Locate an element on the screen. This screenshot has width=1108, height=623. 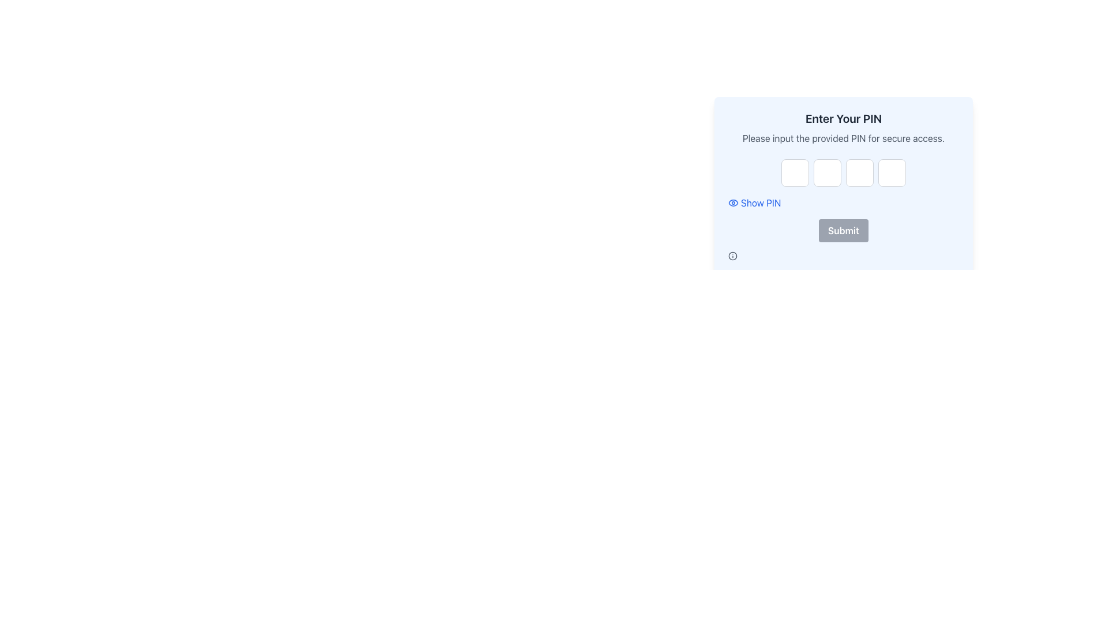
the next or previous password input field in the group of four input boxes arranged horizontally, positioned below the 'Please input the provided PIN for secure access.' text is located at coordinates (844, 173).